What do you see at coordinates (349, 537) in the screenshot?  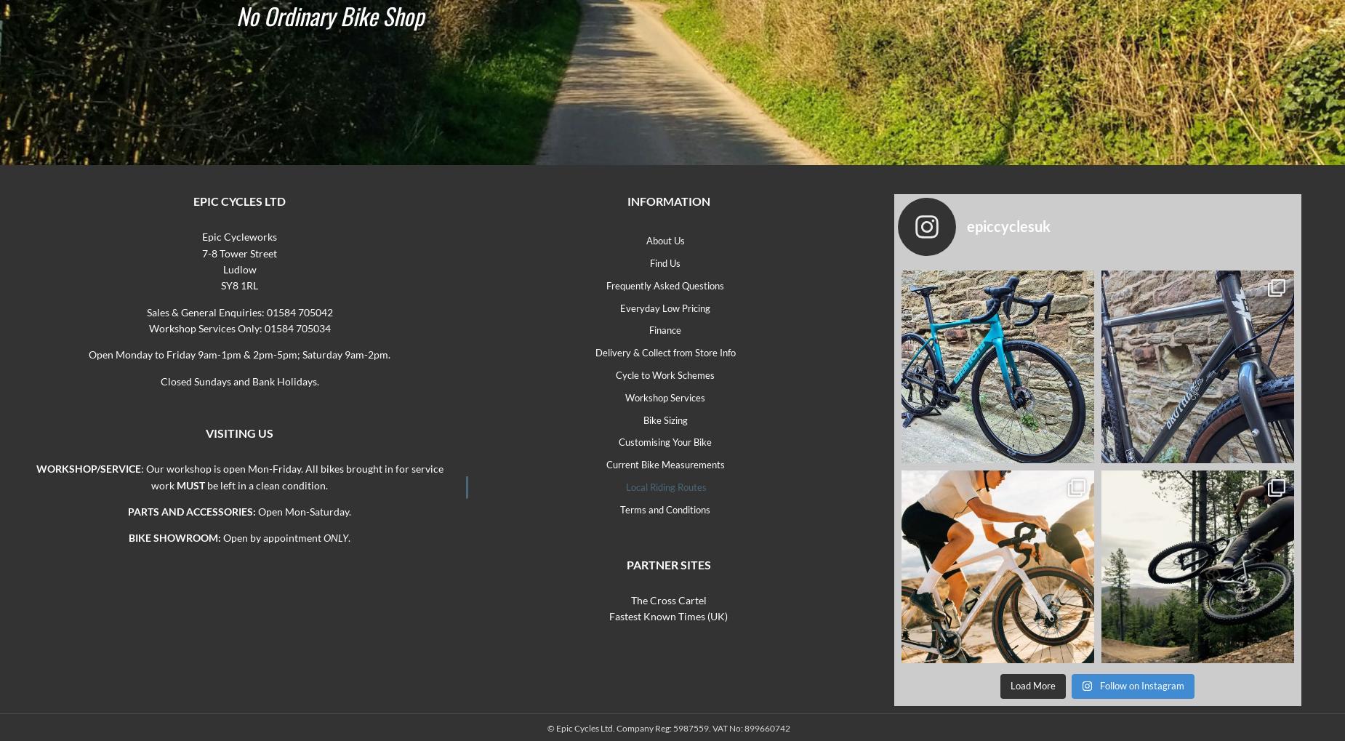 I see `'.'` at bounding box center [349, 537].